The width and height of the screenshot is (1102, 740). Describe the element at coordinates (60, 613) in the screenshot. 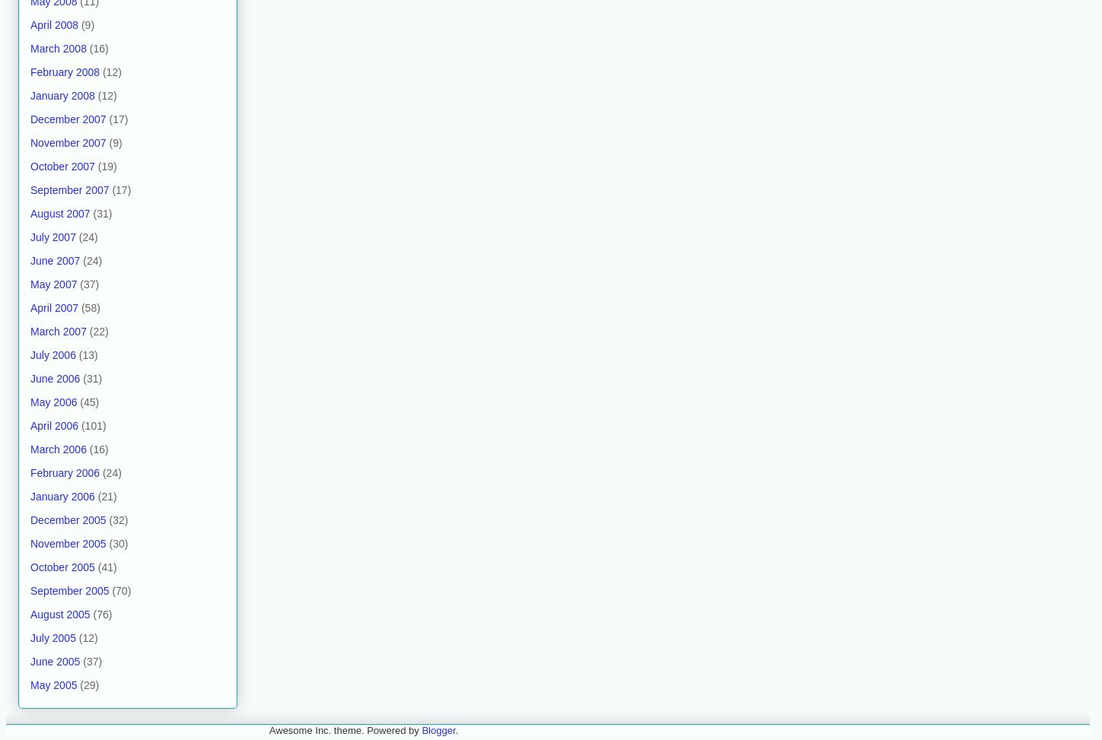

I see `'August 2005'` at that location.